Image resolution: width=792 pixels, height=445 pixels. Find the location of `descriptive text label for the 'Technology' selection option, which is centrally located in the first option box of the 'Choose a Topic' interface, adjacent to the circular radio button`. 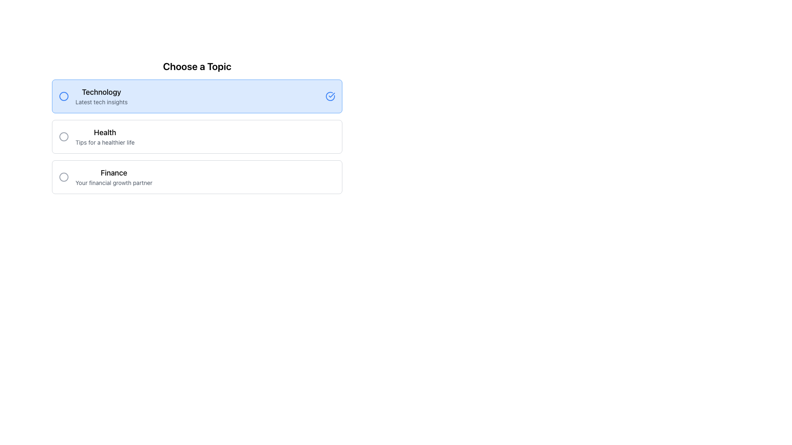

descriptive text label for the 'Technology' selection option, which is centrally located in the first option box of the 'Choose a Topic' interface, adjacent to the circular radio button is located at coordinates (101, 96).